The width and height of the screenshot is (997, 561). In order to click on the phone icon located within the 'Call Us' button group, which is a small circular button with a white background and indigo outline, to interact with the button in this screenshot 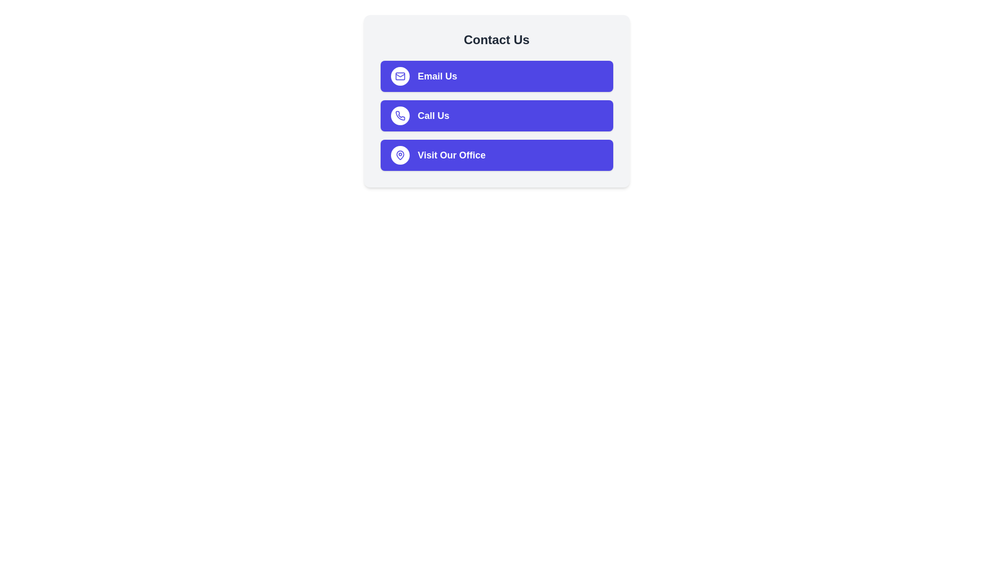, I will do `click(399, 116)`.